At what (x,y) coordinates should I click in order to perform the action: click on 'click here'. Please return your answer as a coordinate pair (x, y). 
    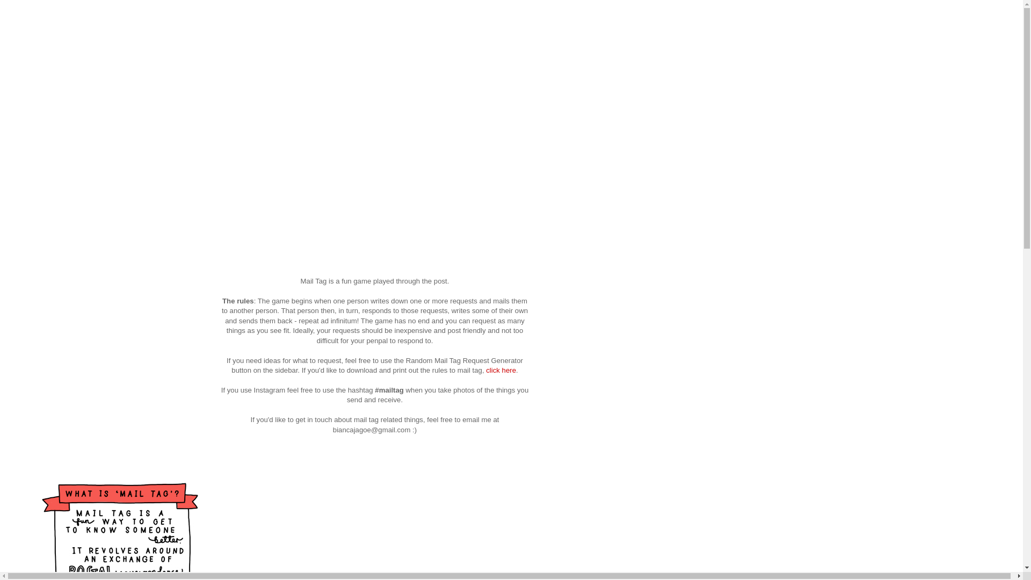
    Looking at the image, I should click on (485, 369).